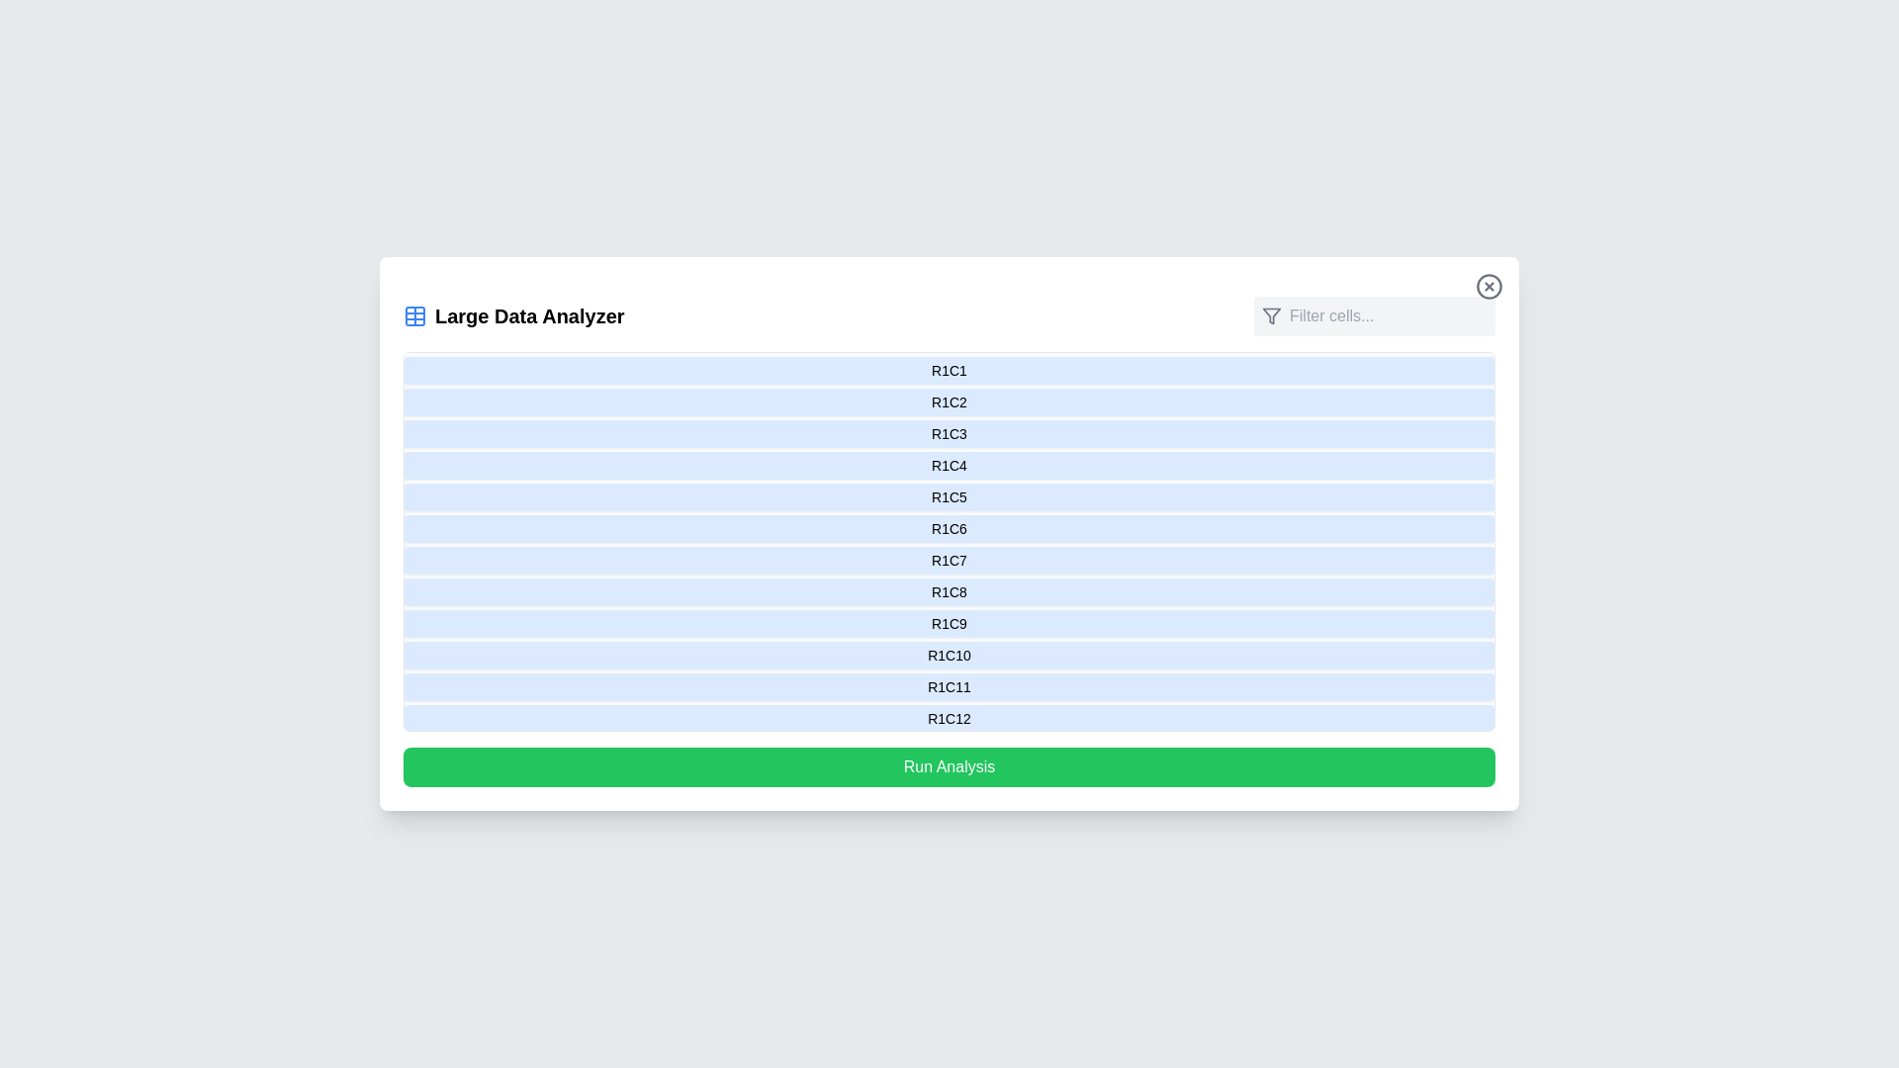 The height and width of the screenshot is (1068, 1899). Describe the element at coordinates (1490, 286) in the screenshot. I see `close button located at the top-right corner of the component` at that location.